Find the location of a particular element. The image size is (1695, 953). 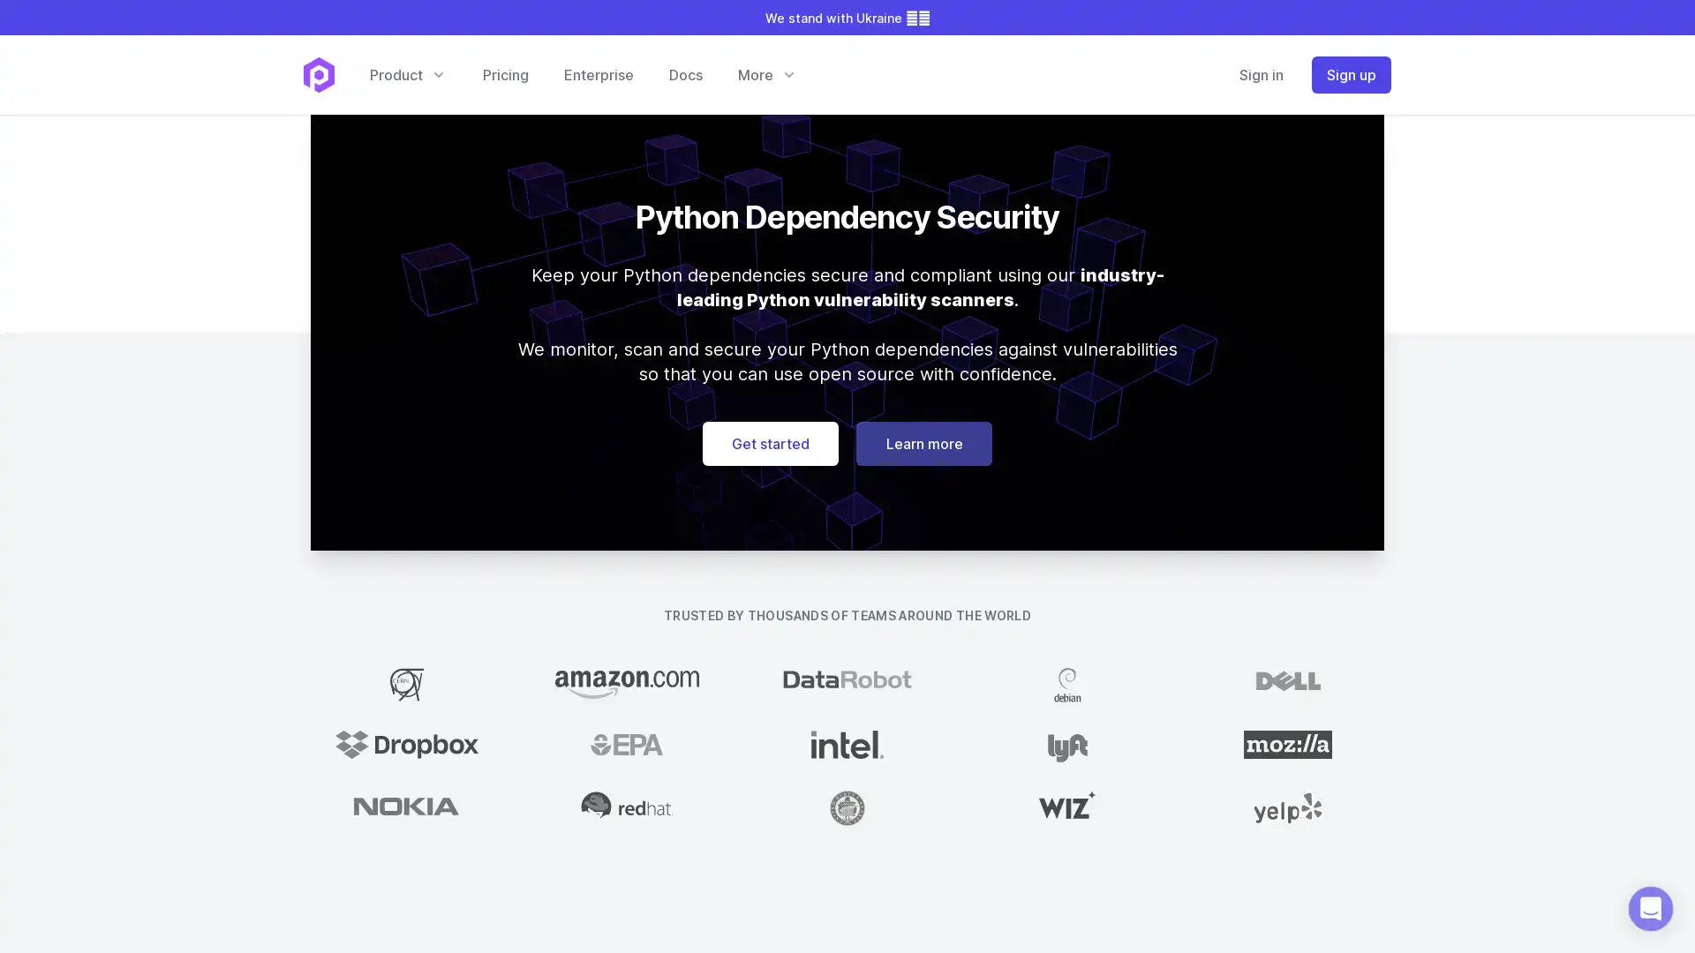

Product is located at coordinates (406, 73).